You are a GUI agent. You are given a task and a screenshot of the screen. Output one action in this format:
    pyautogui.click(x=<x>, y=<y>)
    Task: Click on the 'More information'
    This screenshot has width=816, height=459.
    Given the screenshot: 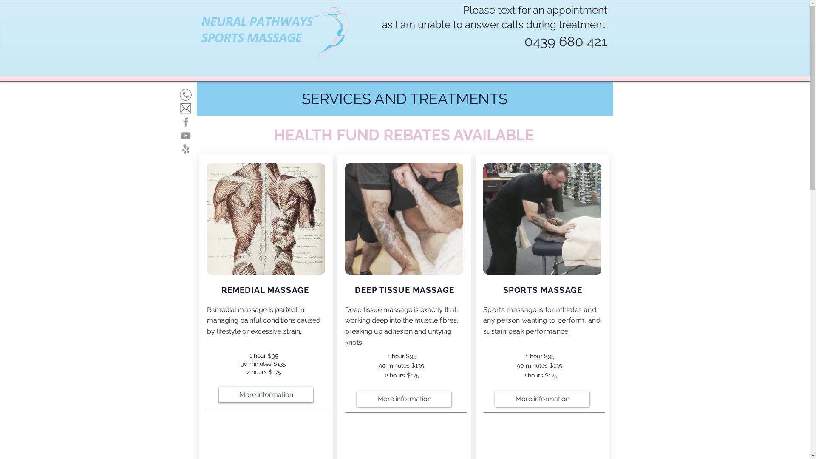 What is the action you would take?
    pyautogui.click(x=403, y=399)
    